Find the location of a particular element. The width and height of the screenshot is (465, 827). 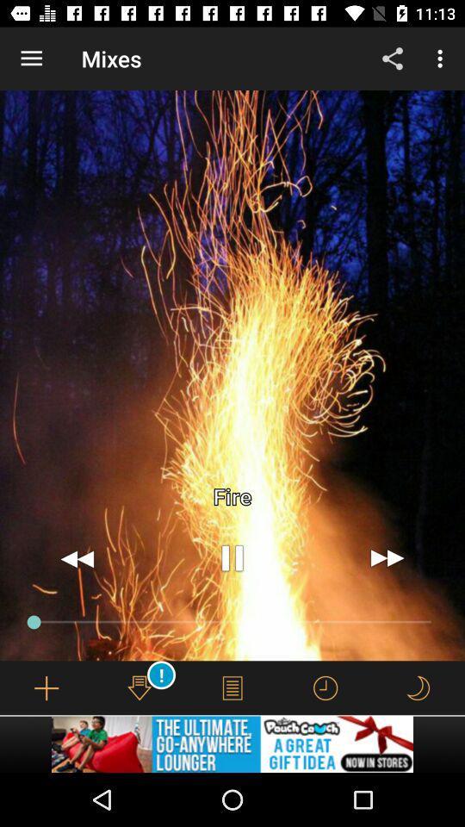

fast foward is located at coordinates (387, 557).